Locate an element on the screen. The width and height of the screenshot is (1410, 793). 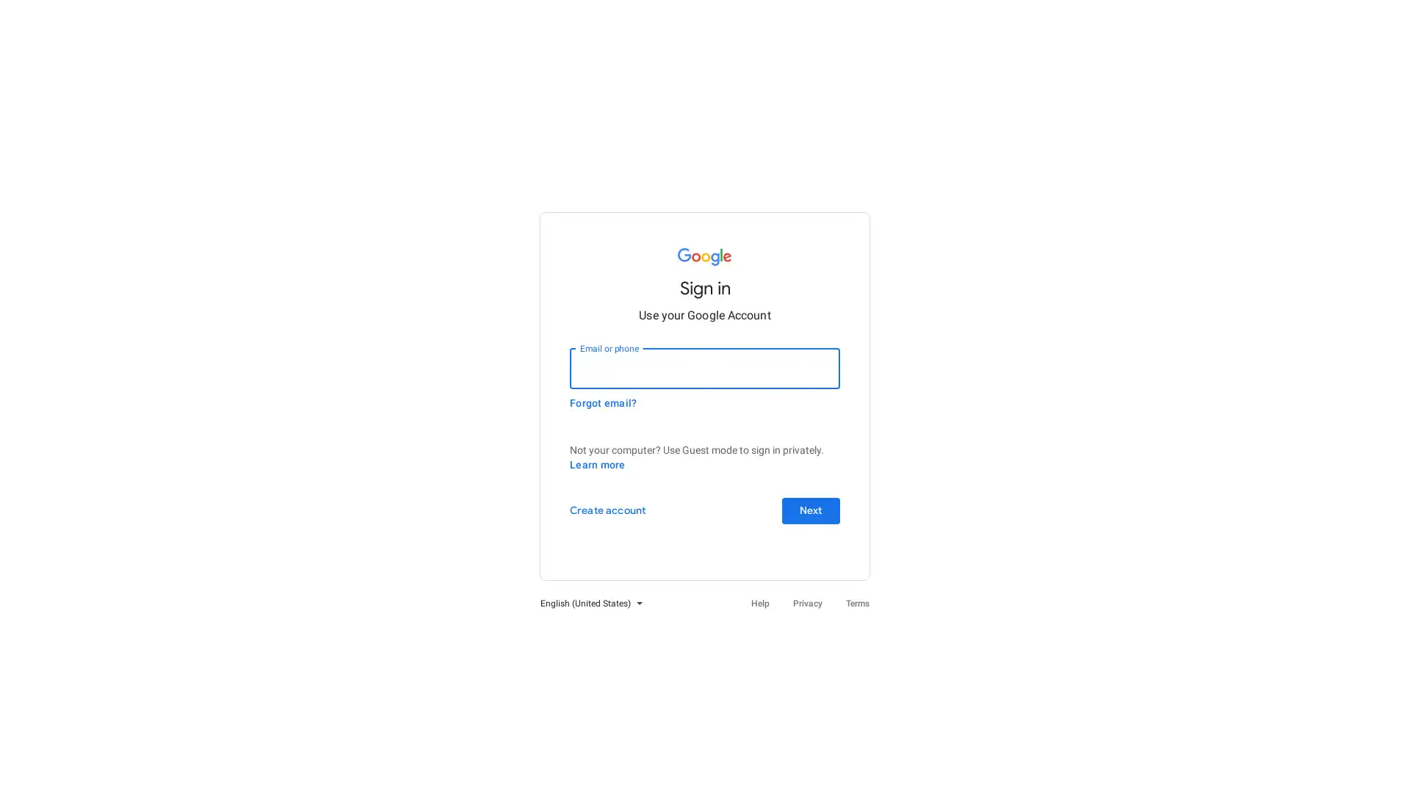
Next is located at coordinates (810, 509).